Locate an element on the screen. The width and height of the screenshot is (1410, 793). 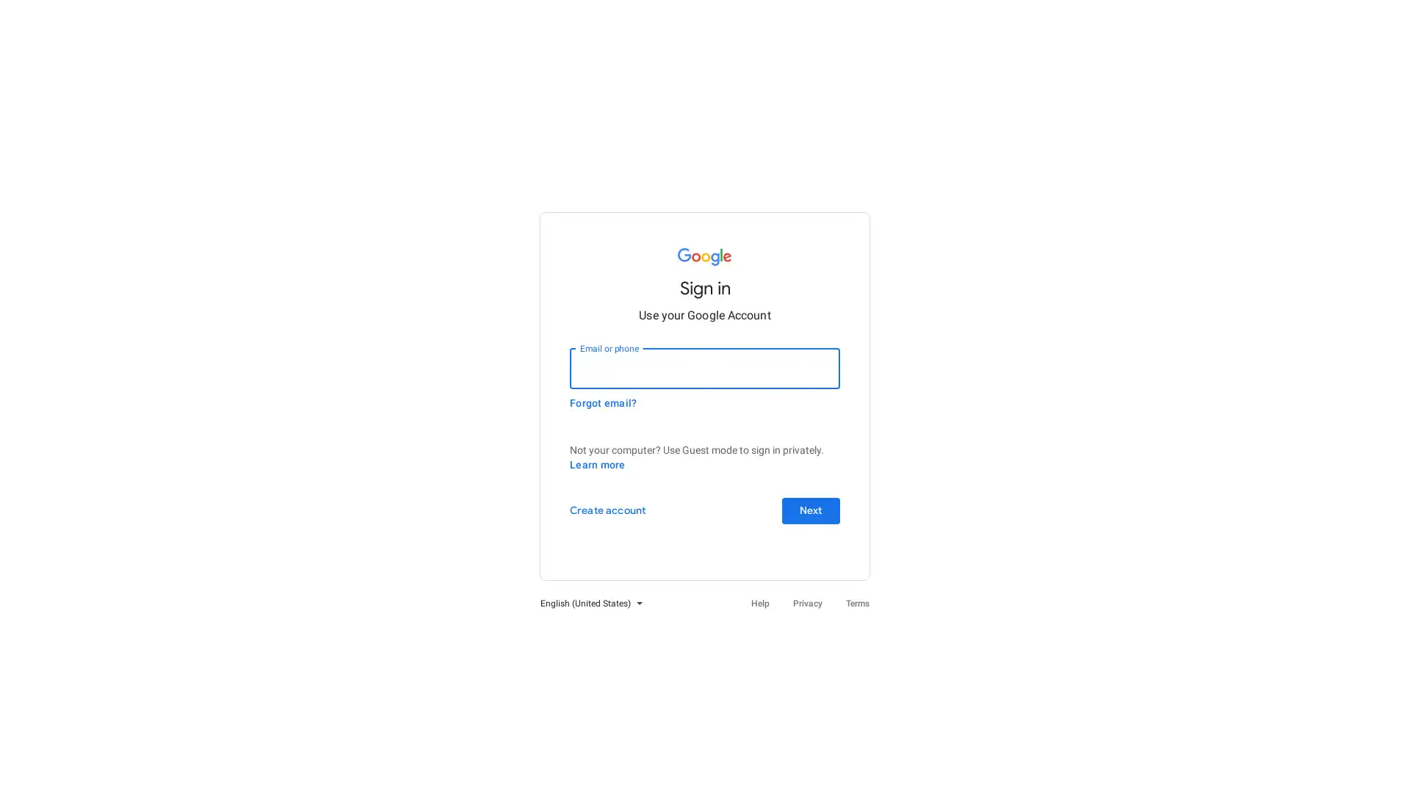
Next is located at coordinates (810, 509).